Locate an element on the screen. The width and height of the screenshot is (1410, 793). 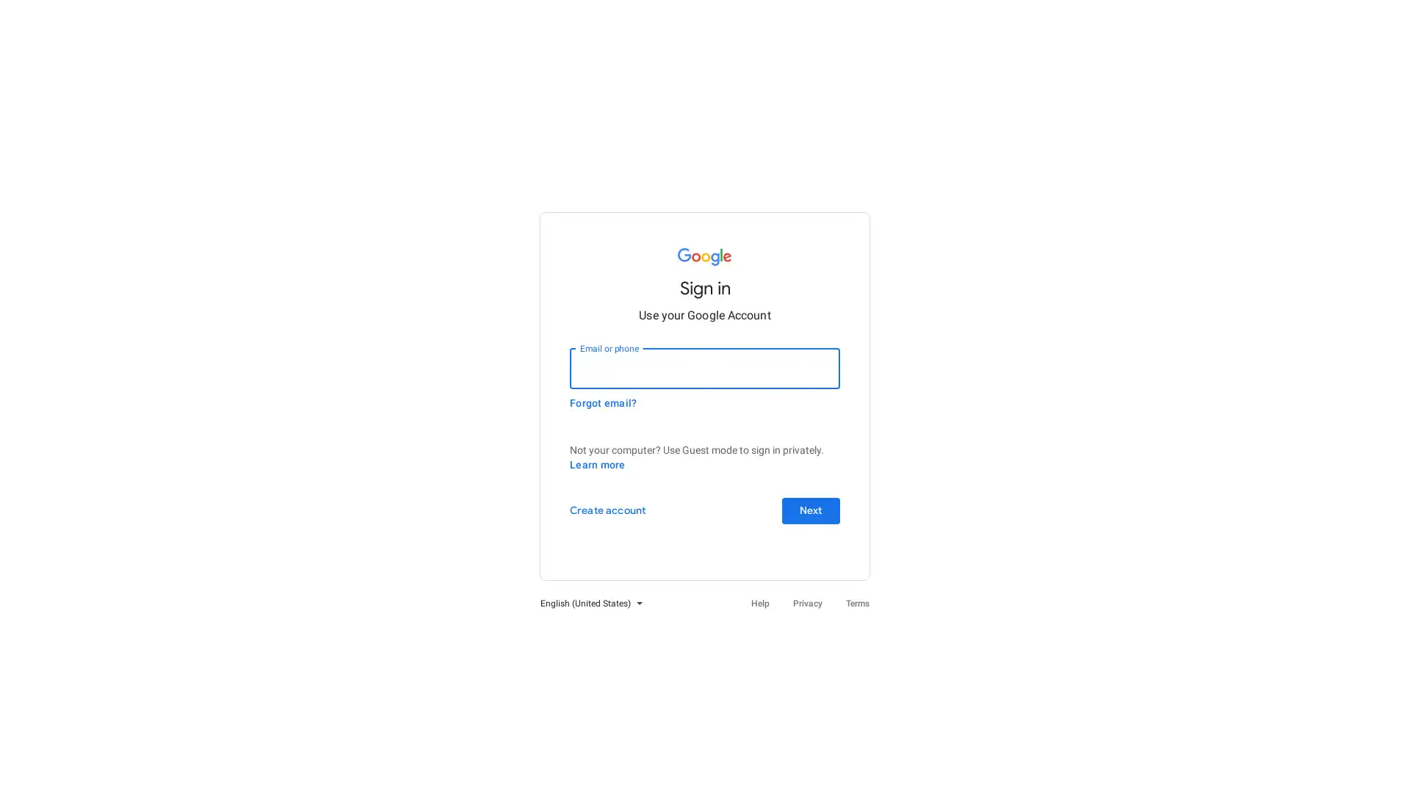
Next is located at coordinates (810, 509).